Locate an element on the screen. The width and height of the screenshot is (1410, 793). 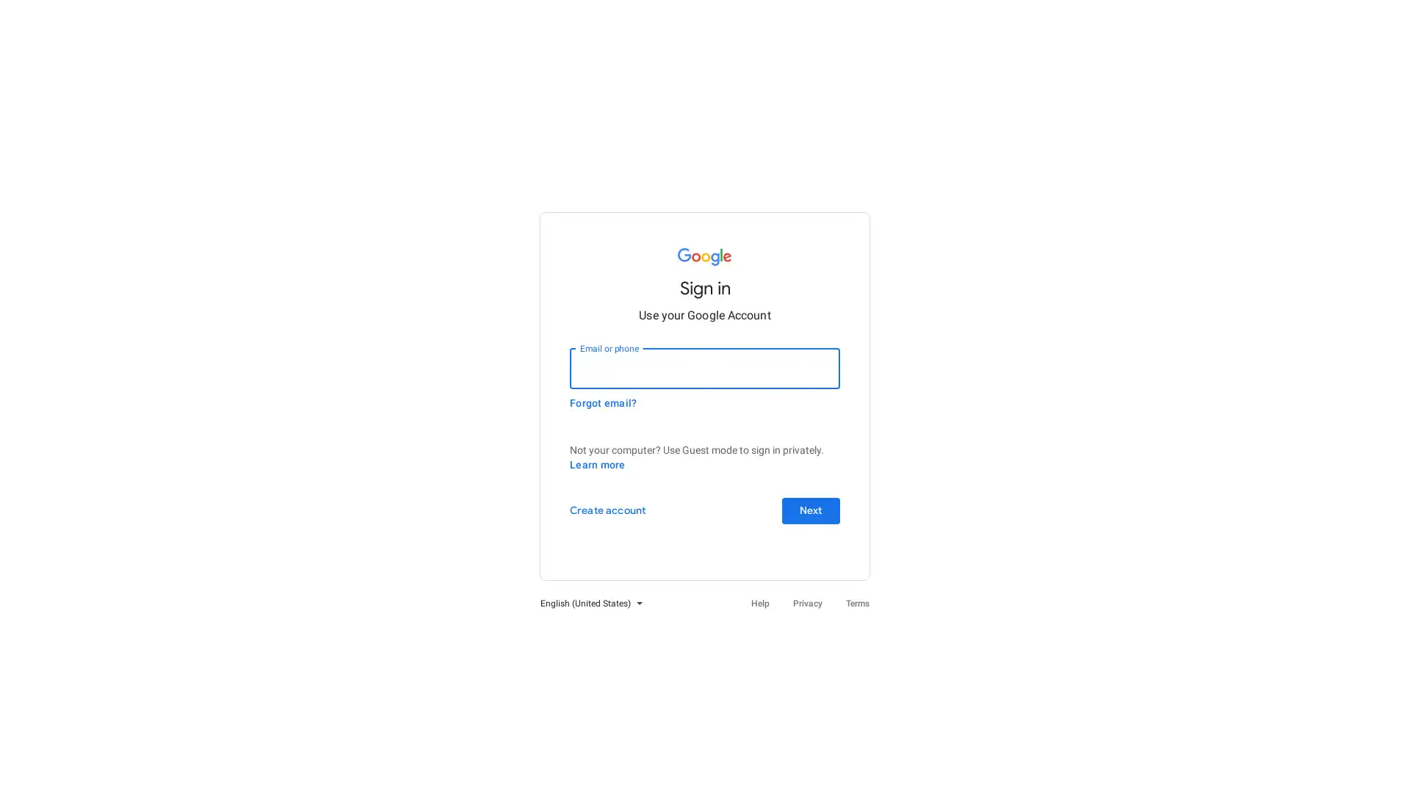
Next is located at coordinates (810, 509).